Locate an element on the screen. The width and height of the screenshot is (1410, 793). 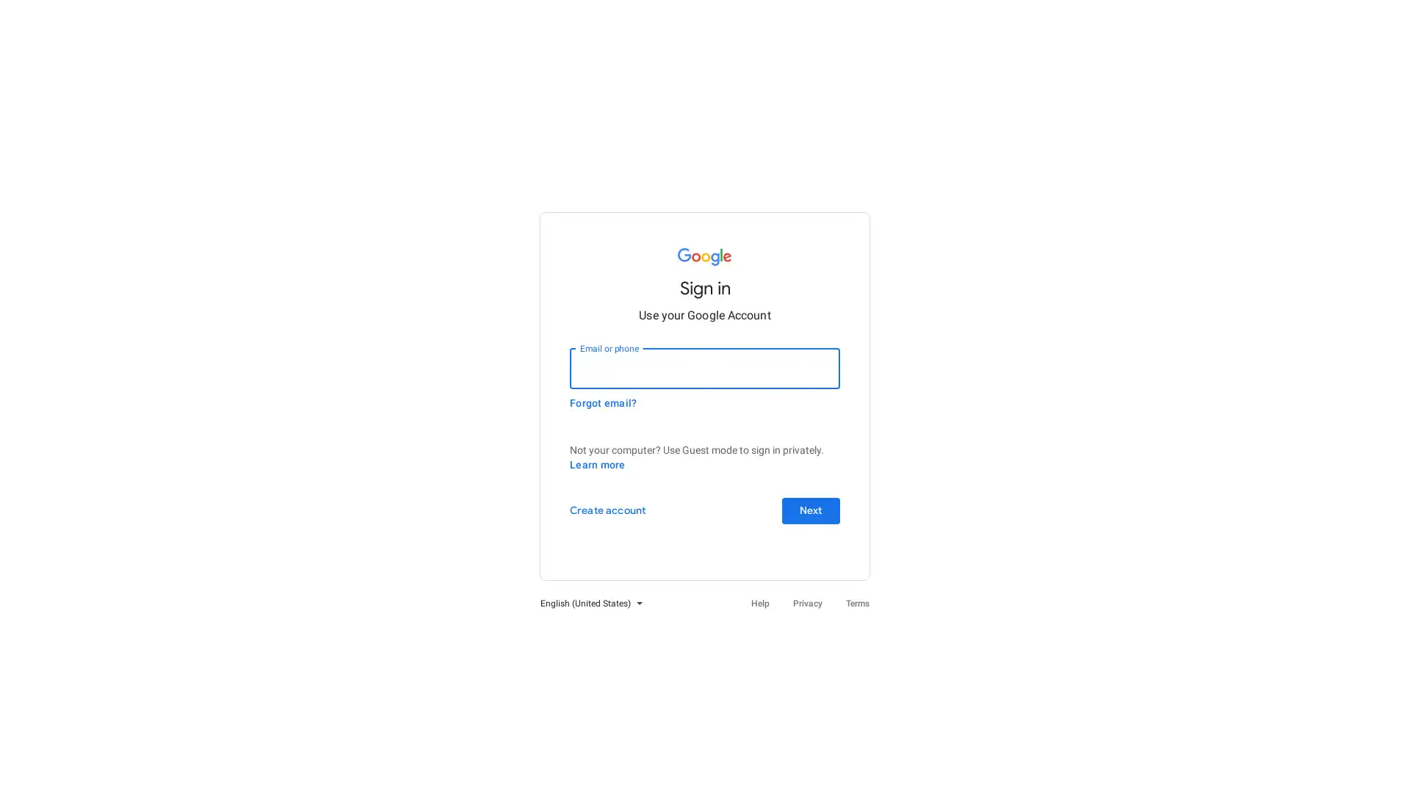
Next is located at coordinates (810, 509).